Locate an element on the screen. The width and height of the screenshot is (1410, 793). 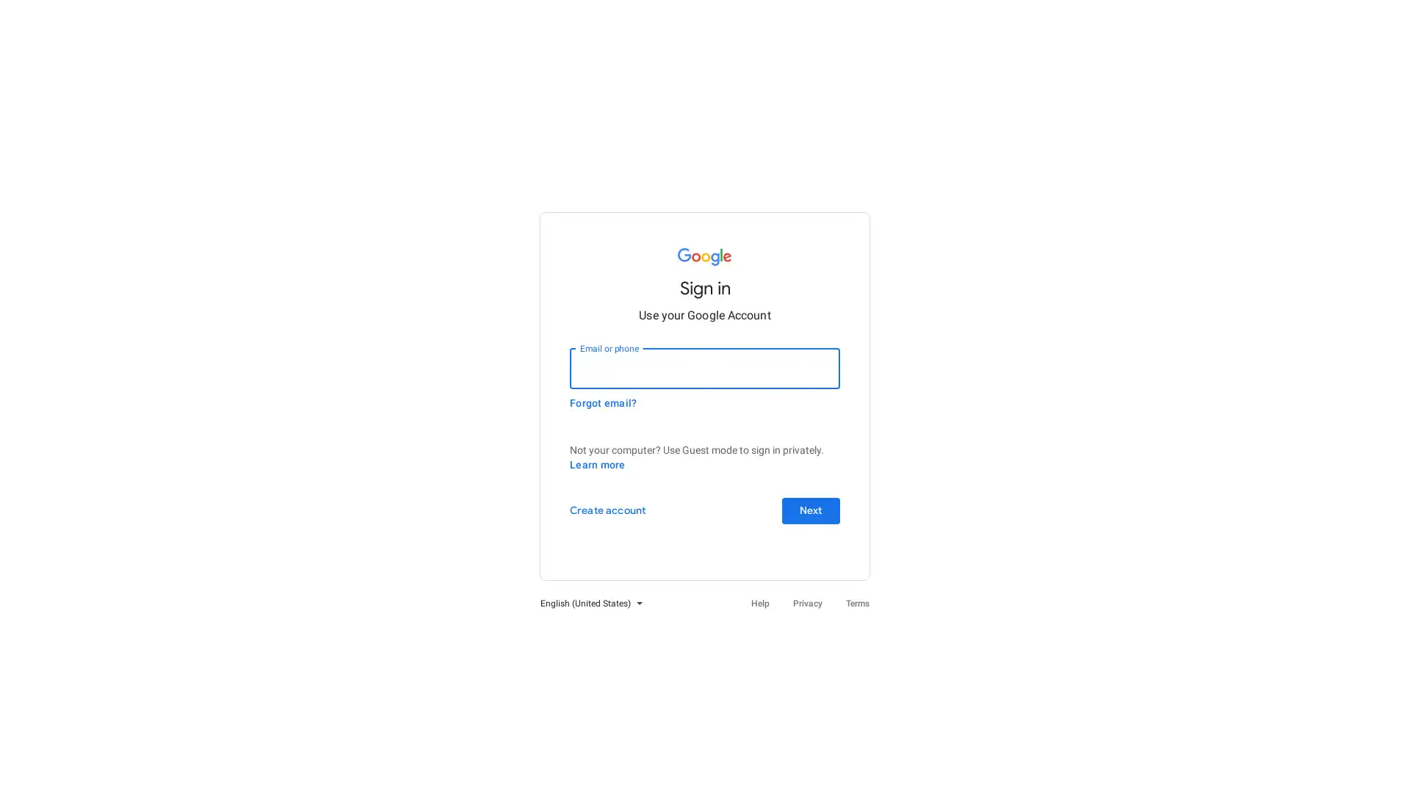
Next is located at coordinates (810, 509).